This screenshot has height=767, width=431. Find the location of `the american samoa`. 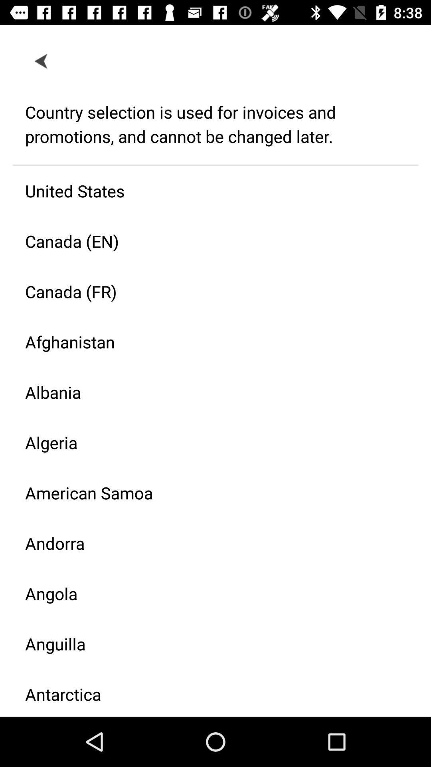

the american samoa is located at coordinates (209, 492).